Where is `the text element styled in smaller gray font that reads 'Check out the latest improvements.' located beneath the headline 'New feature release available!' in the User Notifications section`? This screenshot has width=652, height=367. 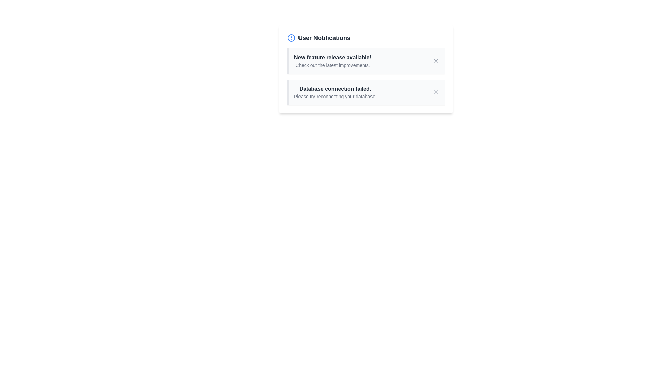
the text element styled in smaller gray font that reads 'Check out the latest improvements.' located beneath the headline 'New feature release available!' in the User Notifications section is located at coordinates (332, 65).